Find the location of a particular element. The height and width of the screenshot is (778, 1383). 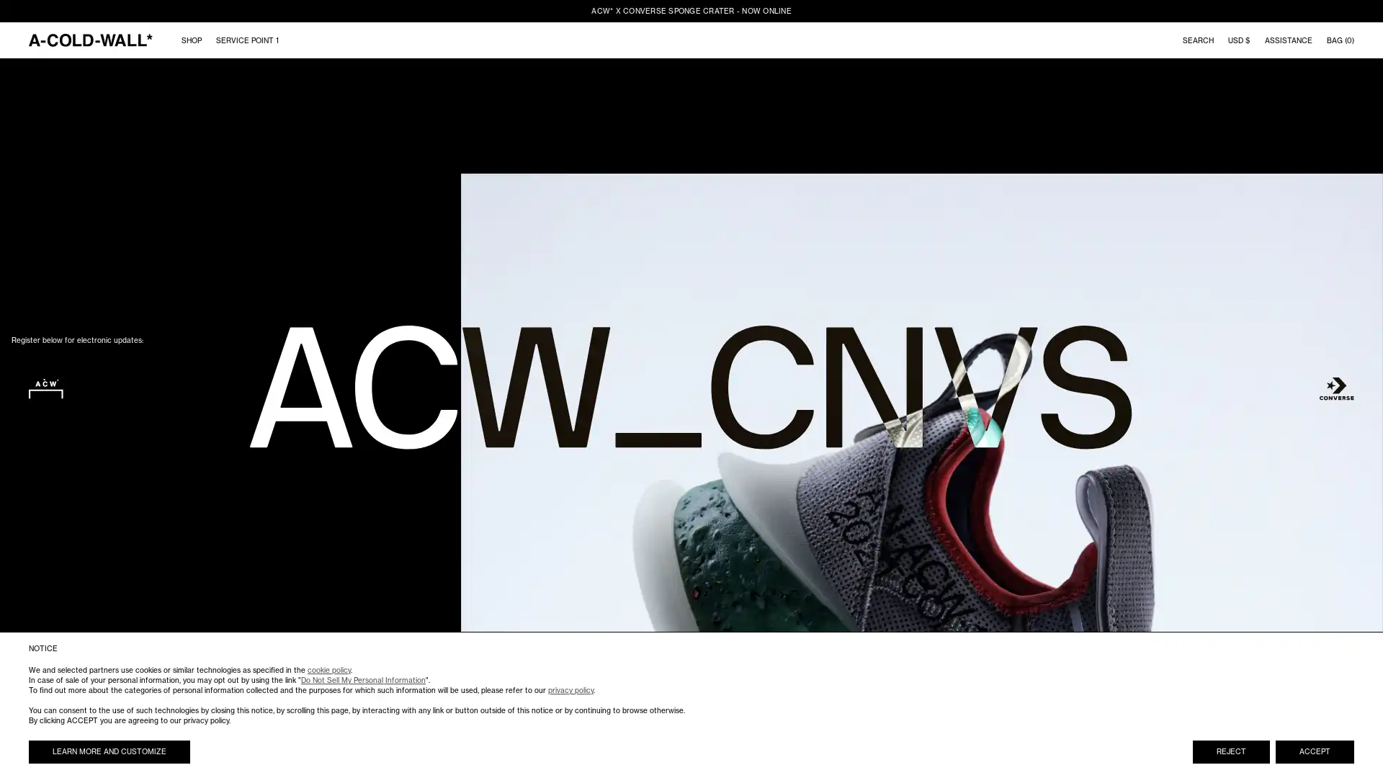

ACCEPT is located at coordinates (1315, 751).